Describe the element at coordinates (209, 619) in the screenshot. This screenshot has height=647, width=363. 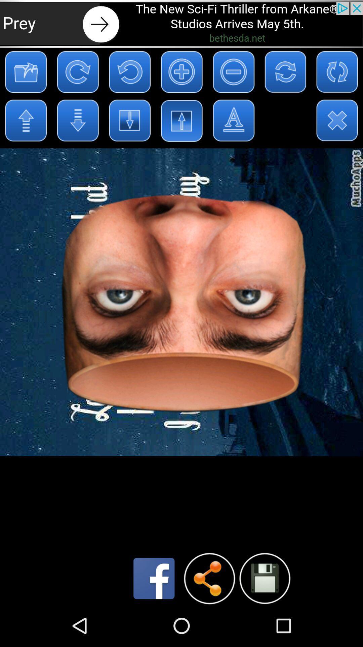
I see `the share icon` at that location.